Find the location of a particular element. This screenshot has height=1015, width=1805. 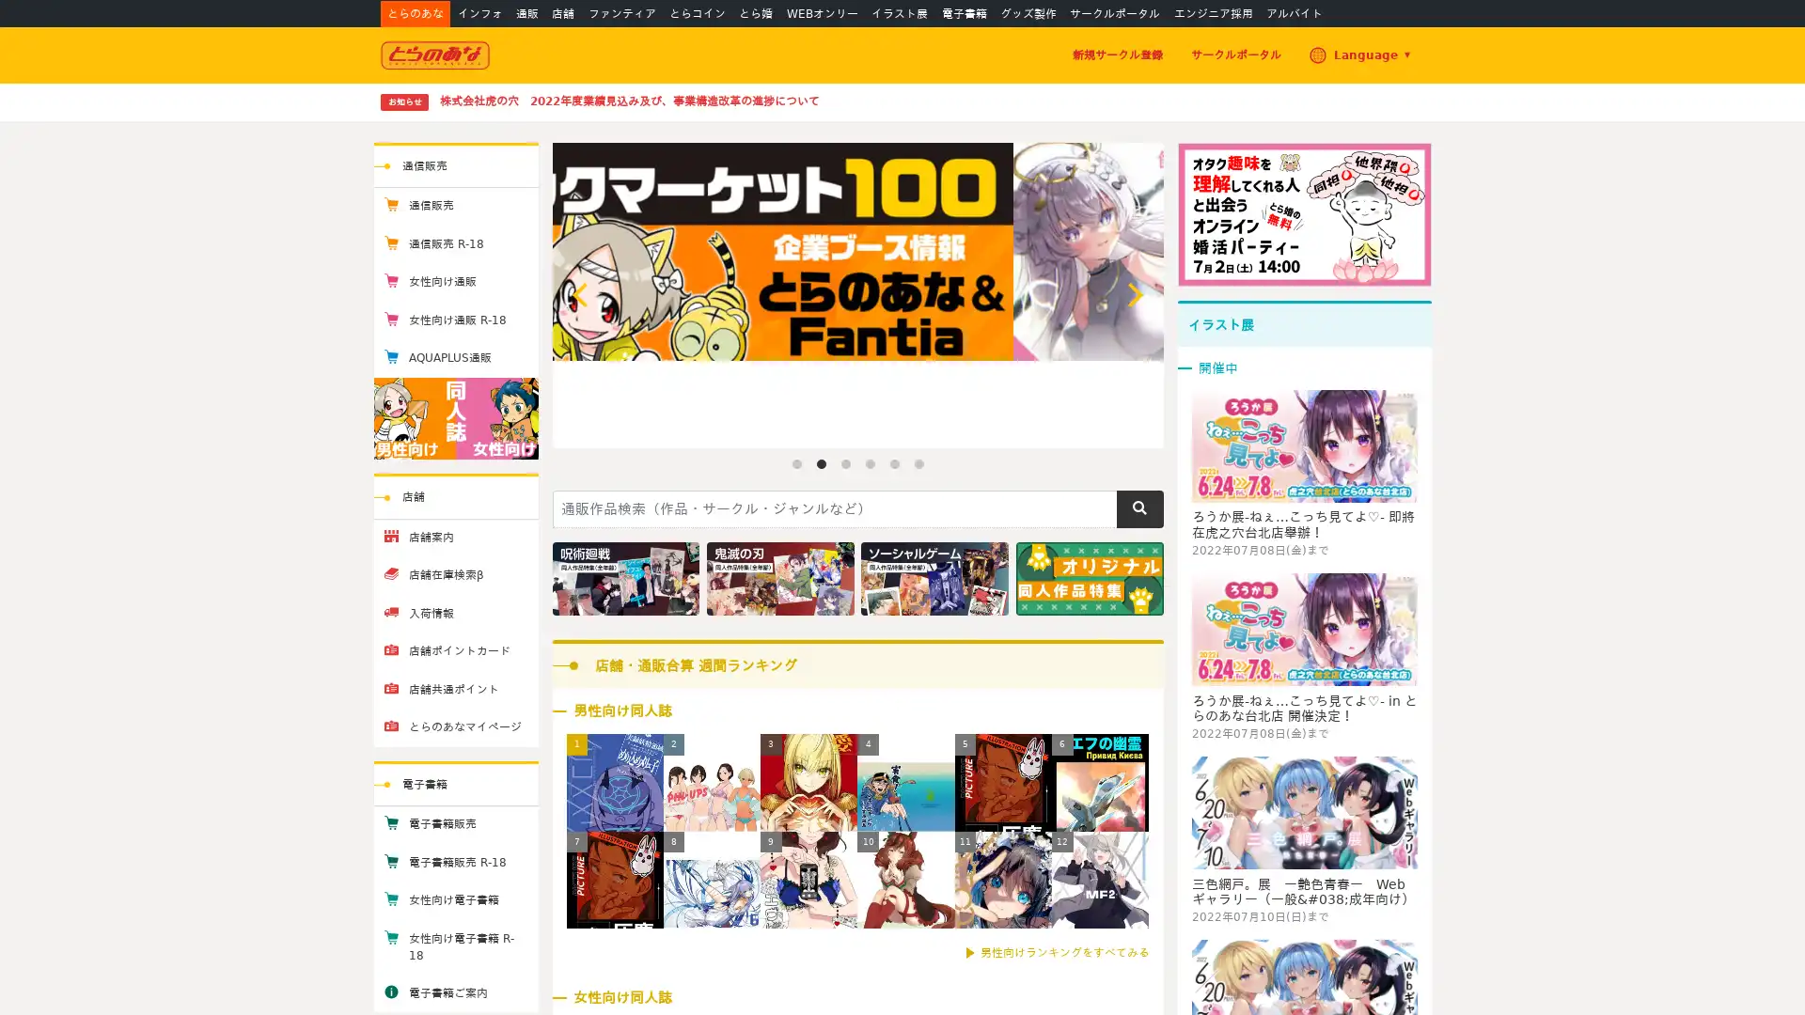

Next is located at coordinates (1131, 294).